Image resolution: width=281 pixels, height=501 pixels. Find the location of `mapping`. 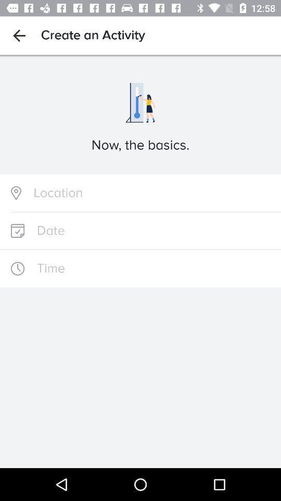

mapping is located at coordinates (140, 193).